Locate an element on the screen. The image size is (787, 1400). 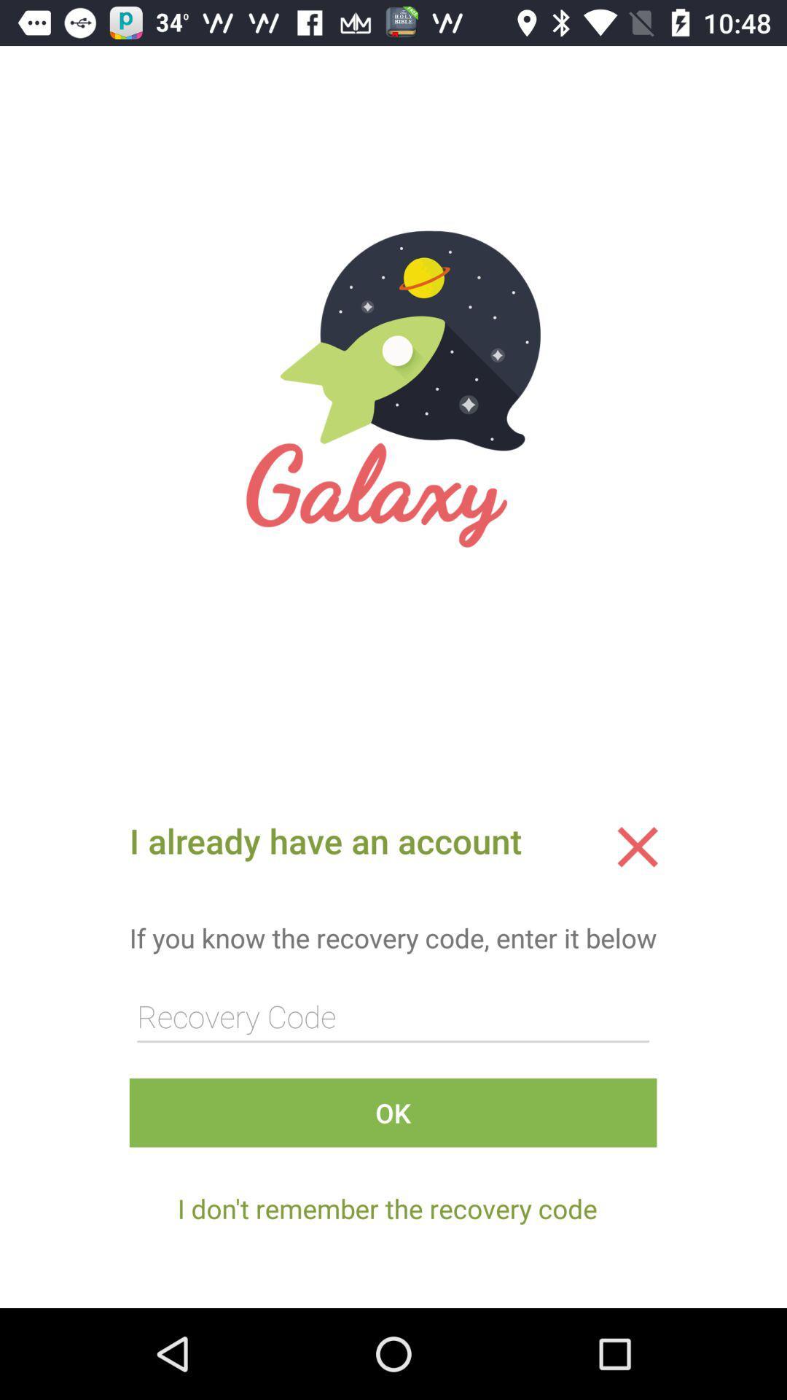
ok is located at coordinates (392, 1112).